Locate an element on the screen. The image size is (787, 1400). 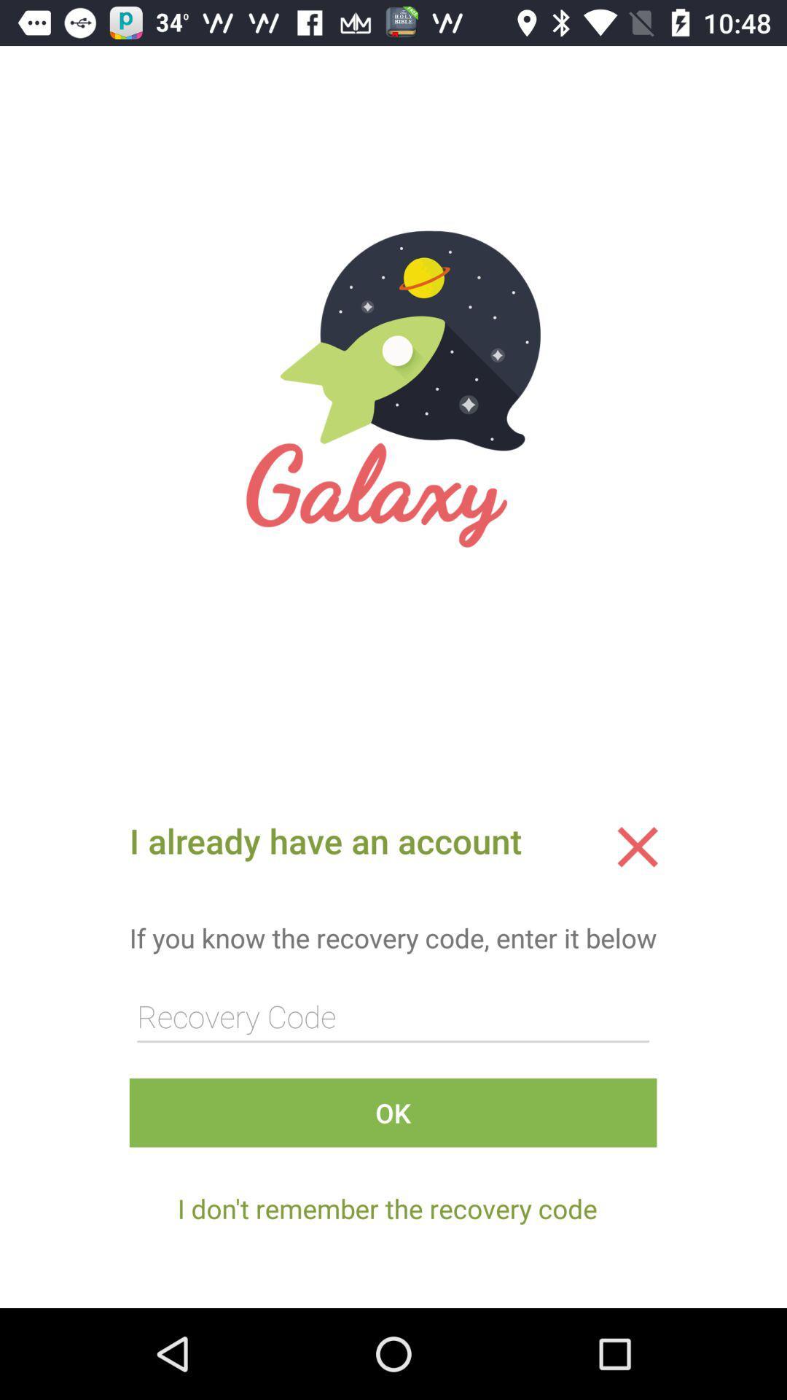
ok is located at coordinates (392, 1112).